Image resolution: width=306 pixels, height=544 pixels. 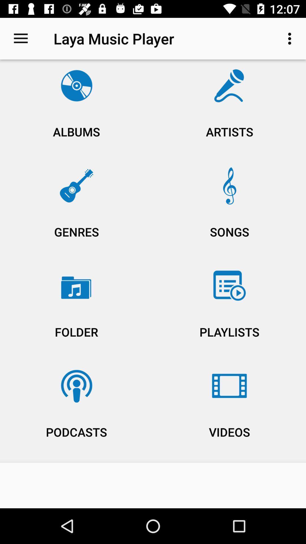 What do you see at coordinates (229, 211) in the screenshot?
I see `the songs item` at bounding box center [229, 211].